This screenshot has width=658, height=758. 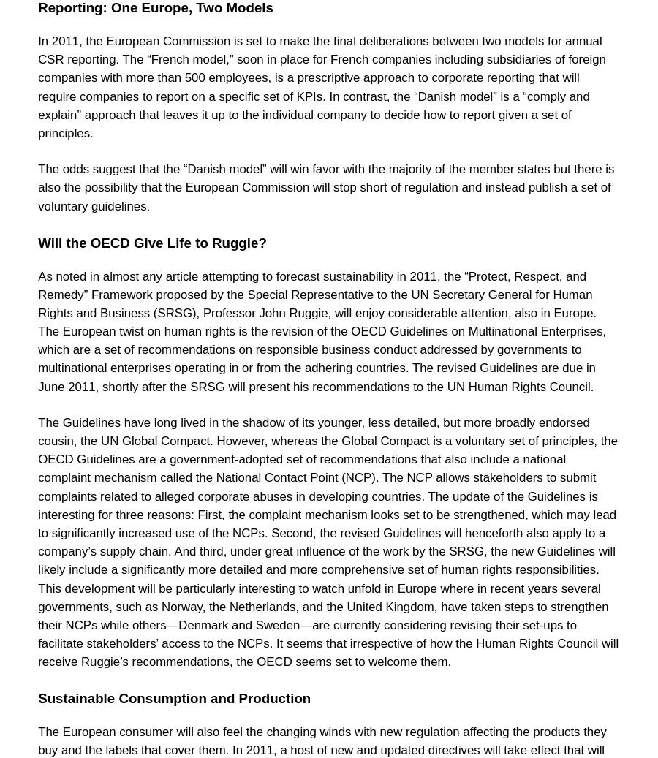 What do you see at coordinates (333, 37) in the screenshot?
I see `'| Business Coaltion Committed to Combating Human Trafficking in Operations and Supply Chains'` at bounding box center [333, 37].